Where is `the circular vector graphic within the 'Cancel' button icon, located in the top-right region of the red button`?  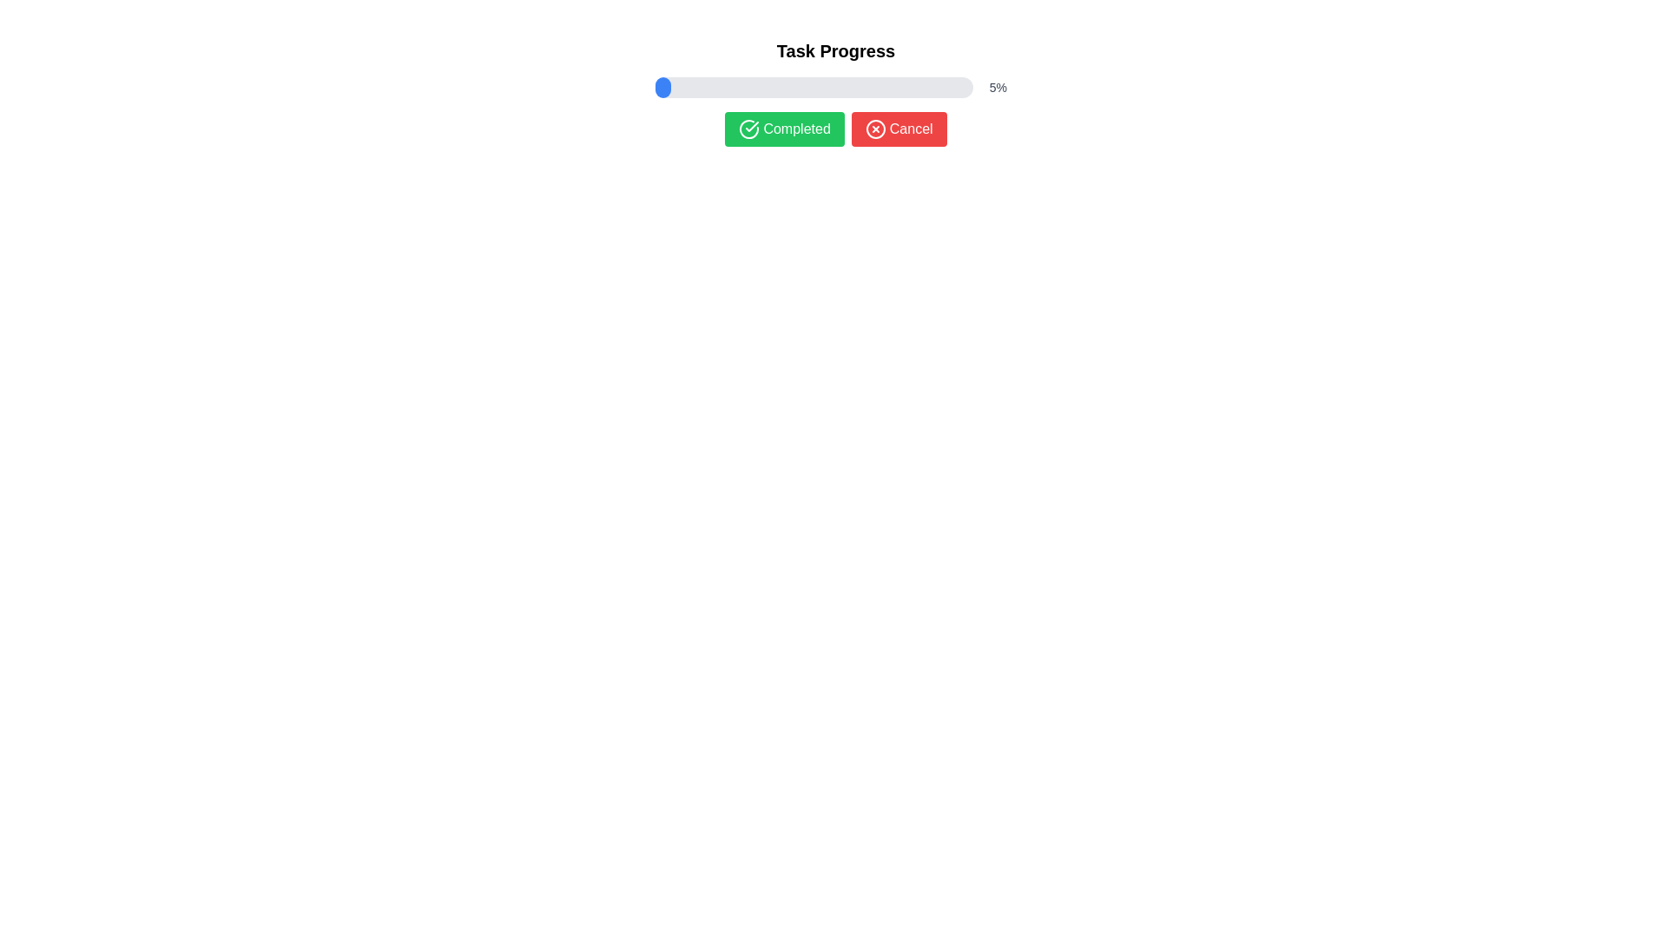 the circular vector graphic within the 'Cancel' button icon, located in the top-right region of the red button is located at coordinates (875, 129).